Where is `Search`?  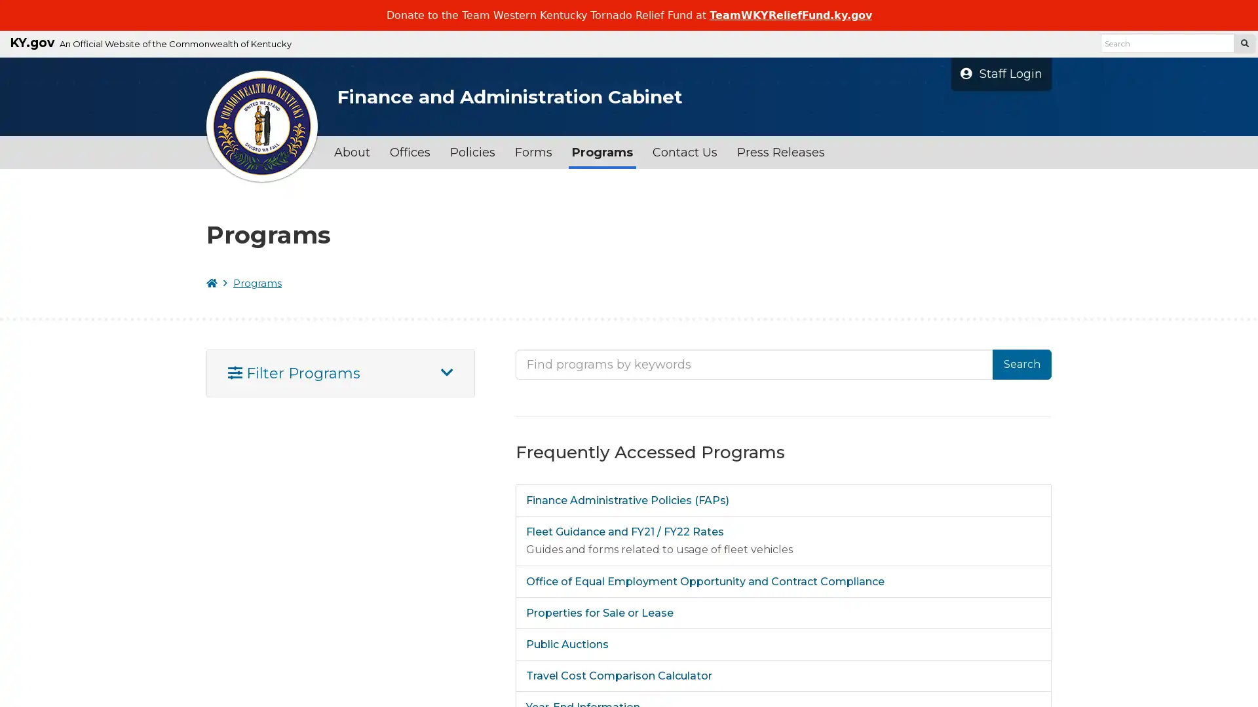 Search is located at coordinates (1244, 43).